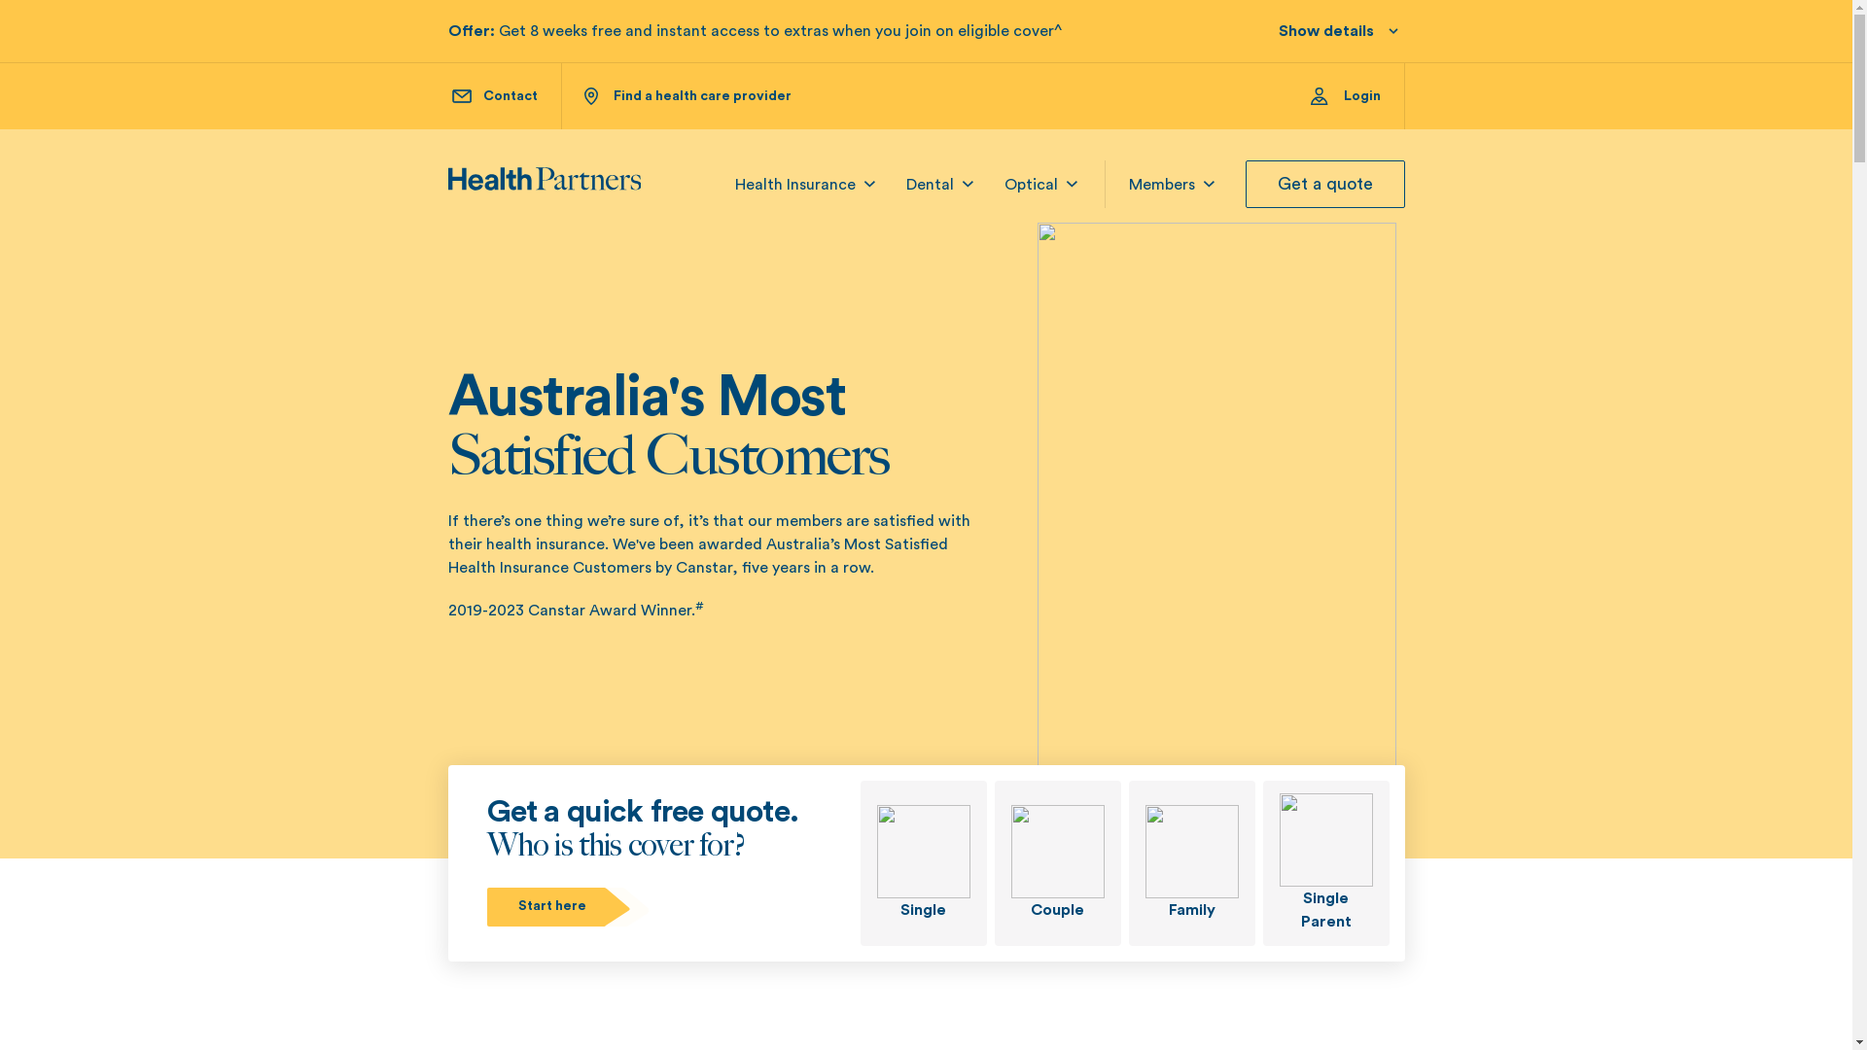 The height and width of the screenshot is (1050, 1867). What do you see at coordinates (1356, 96) in the screenshot?
I see `'Login'` at bounding box center [1356, 96].